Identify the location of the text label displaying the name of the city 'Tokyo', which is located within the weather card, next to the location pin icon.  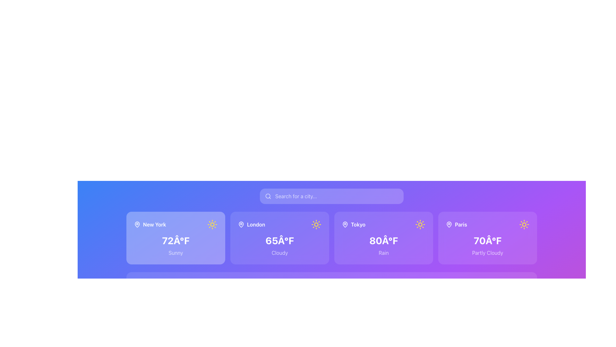
(358, 224).